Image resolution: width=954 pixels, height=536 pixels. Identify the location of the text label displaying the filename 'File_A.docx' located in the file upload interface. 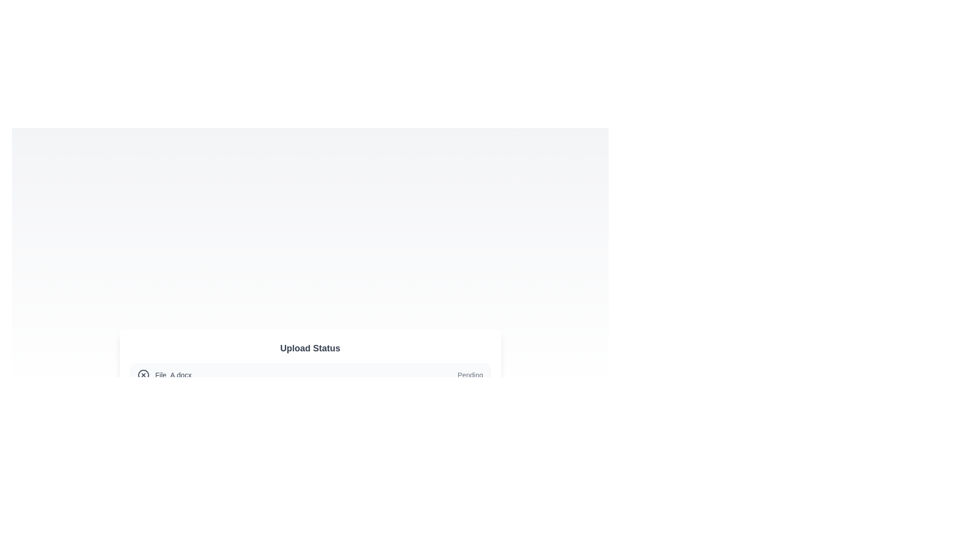
(173, 375).